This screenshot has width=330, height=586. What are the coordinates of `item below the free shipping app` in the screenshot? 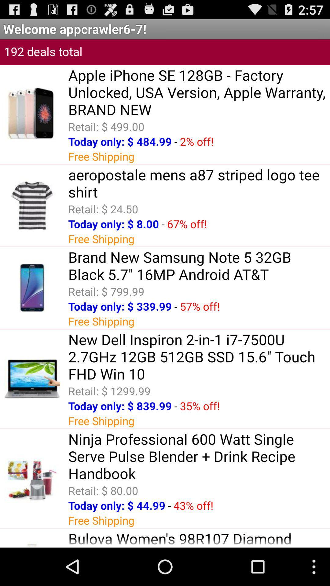 It's located at (199, 356).